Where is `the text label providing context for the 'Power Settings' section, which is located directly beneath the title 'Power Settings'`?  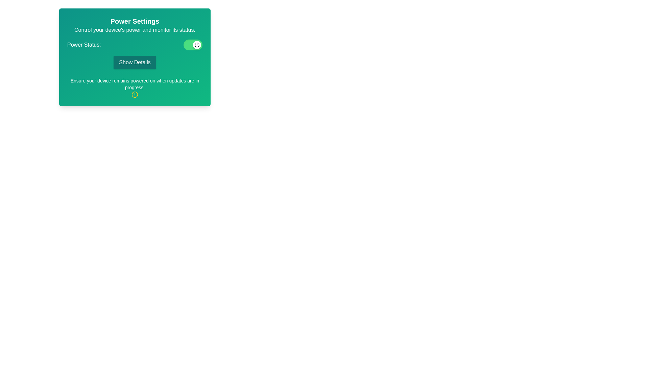 the text label providing context for the 'Power Settings' section, which is located directly beneath the title 'Power Settings' is located at coordinates (135, 29).